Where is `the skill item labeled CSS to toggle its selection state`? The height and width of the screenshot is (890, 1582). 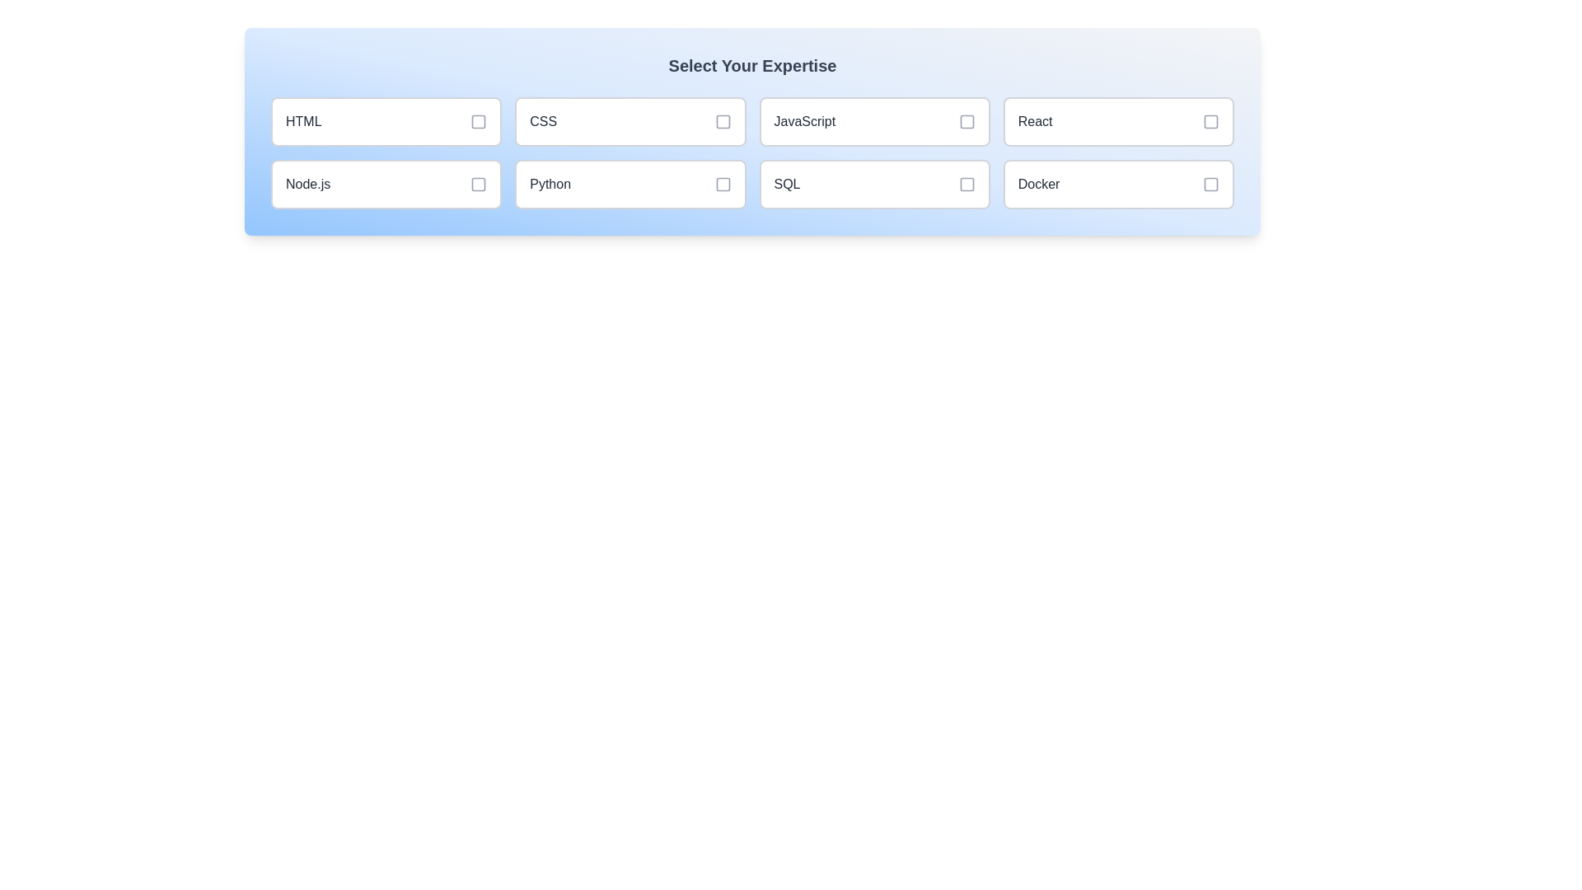 the skill item labeled CSS to toggle its selection state is located at coordinates (629, 120).